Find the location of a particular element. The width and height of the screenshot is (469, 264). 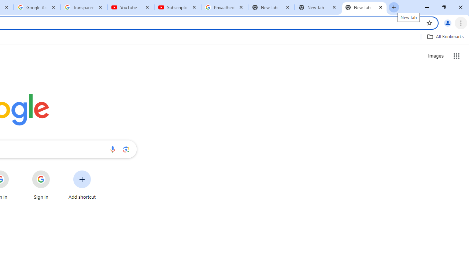

'More actions for Sign in shortcut' is located at coordinates (55, 171).